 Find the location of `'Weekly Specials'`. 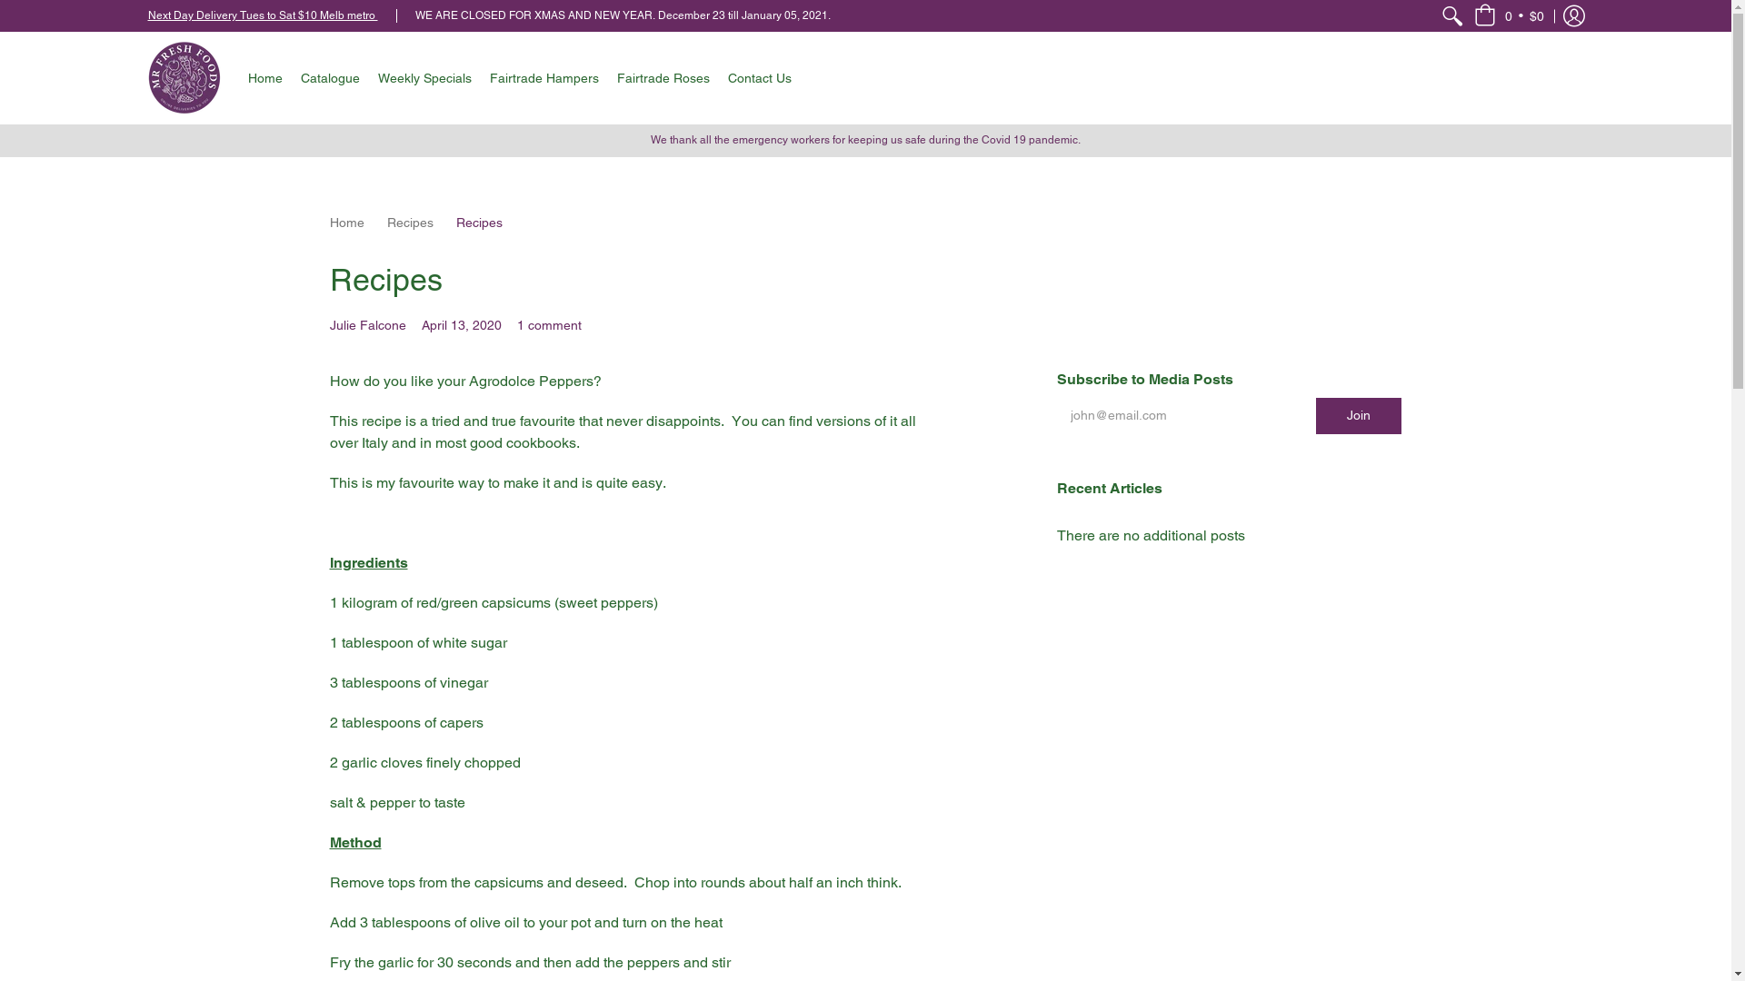

'Weekly Specials' is located at coordinates (368, 76).